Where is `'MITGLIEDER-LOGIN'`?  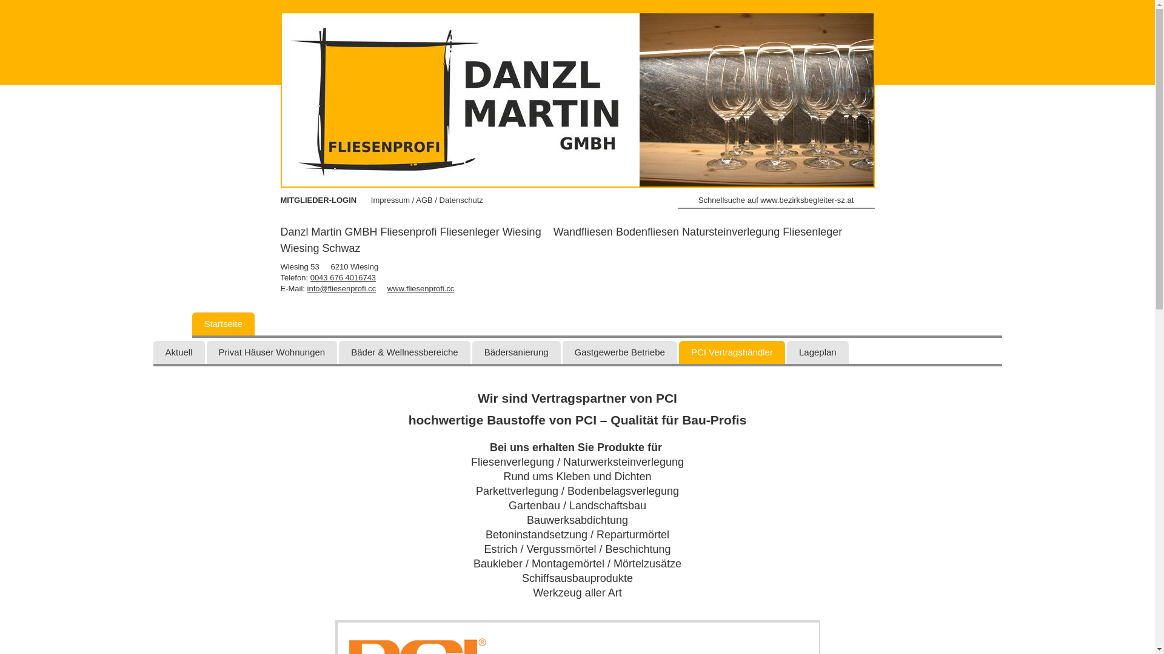 'MITGLIEDER-LOGIN' is located at coordinates (279, 199).